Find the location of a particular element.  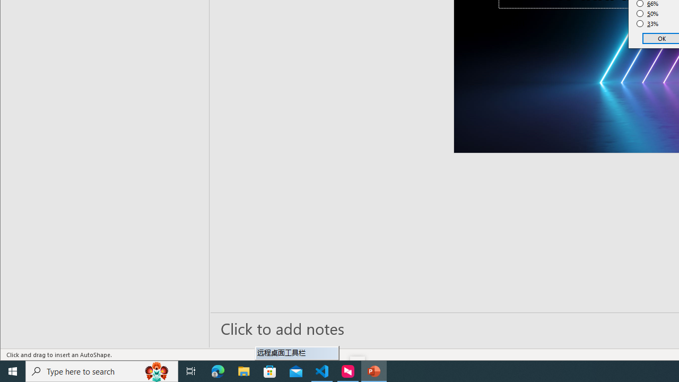

'33%' is located at coordinates (647, 24).